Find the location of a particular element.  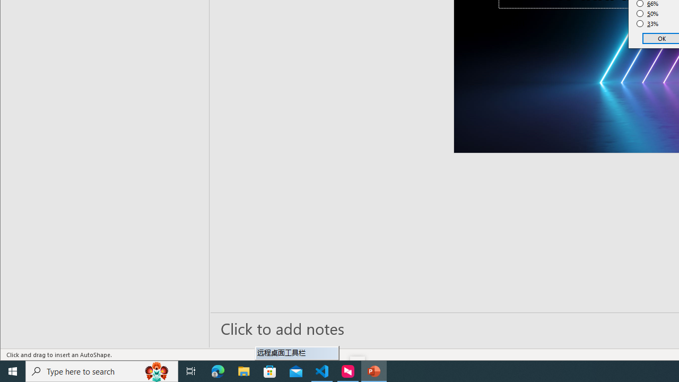

'33%' is located at coordinates (647, 24).